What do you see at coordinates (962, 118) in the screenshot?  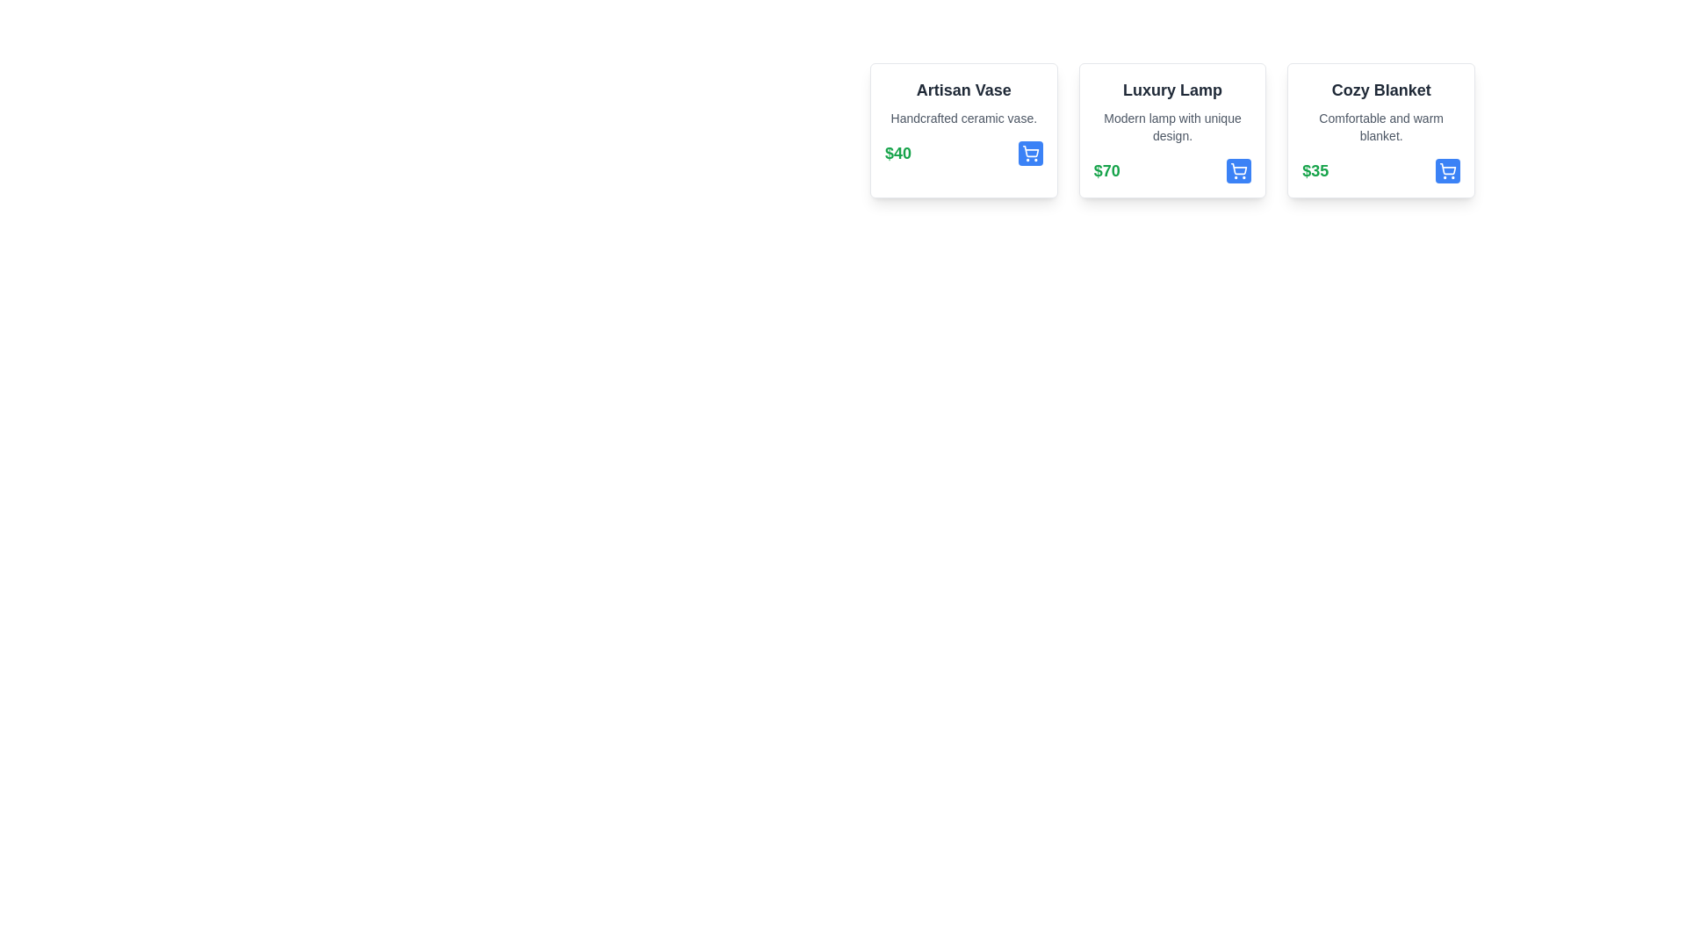 I see `the text label that provides a concise description of the product, located below the title 'Artisan Vase' and above the price '$40' in the left card of the product row` at bounding box center [962, 118].